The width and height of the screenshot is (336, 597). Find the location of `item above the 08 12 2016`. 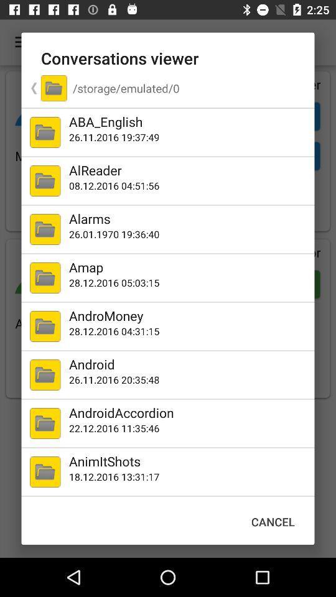

item above the 08 12 2016 is located at coordinates (189, 169).